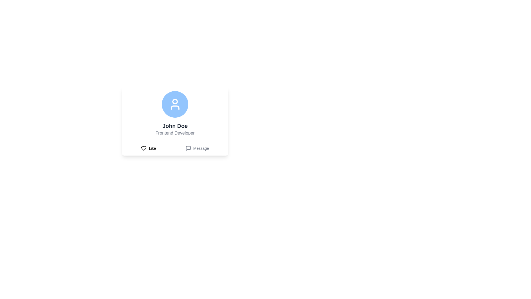  What do you see at coordinates (175, 104) in the screenshot?
I see `the circular user profile icon, which is white with a silhouette design, centered within a blue circular background, located in the upper-middle part of a card displaying 'John Doe' and 'Frontend Developer'` at bounding box center [175, 104].